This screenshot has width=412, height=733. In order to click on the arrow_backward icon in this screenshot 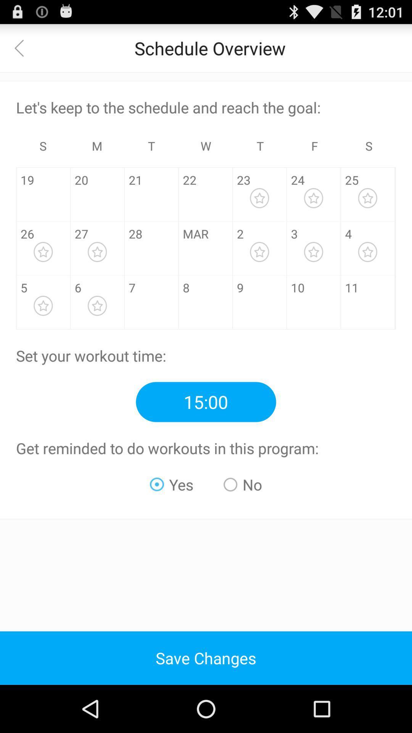, I will do `click(23, 51)`.